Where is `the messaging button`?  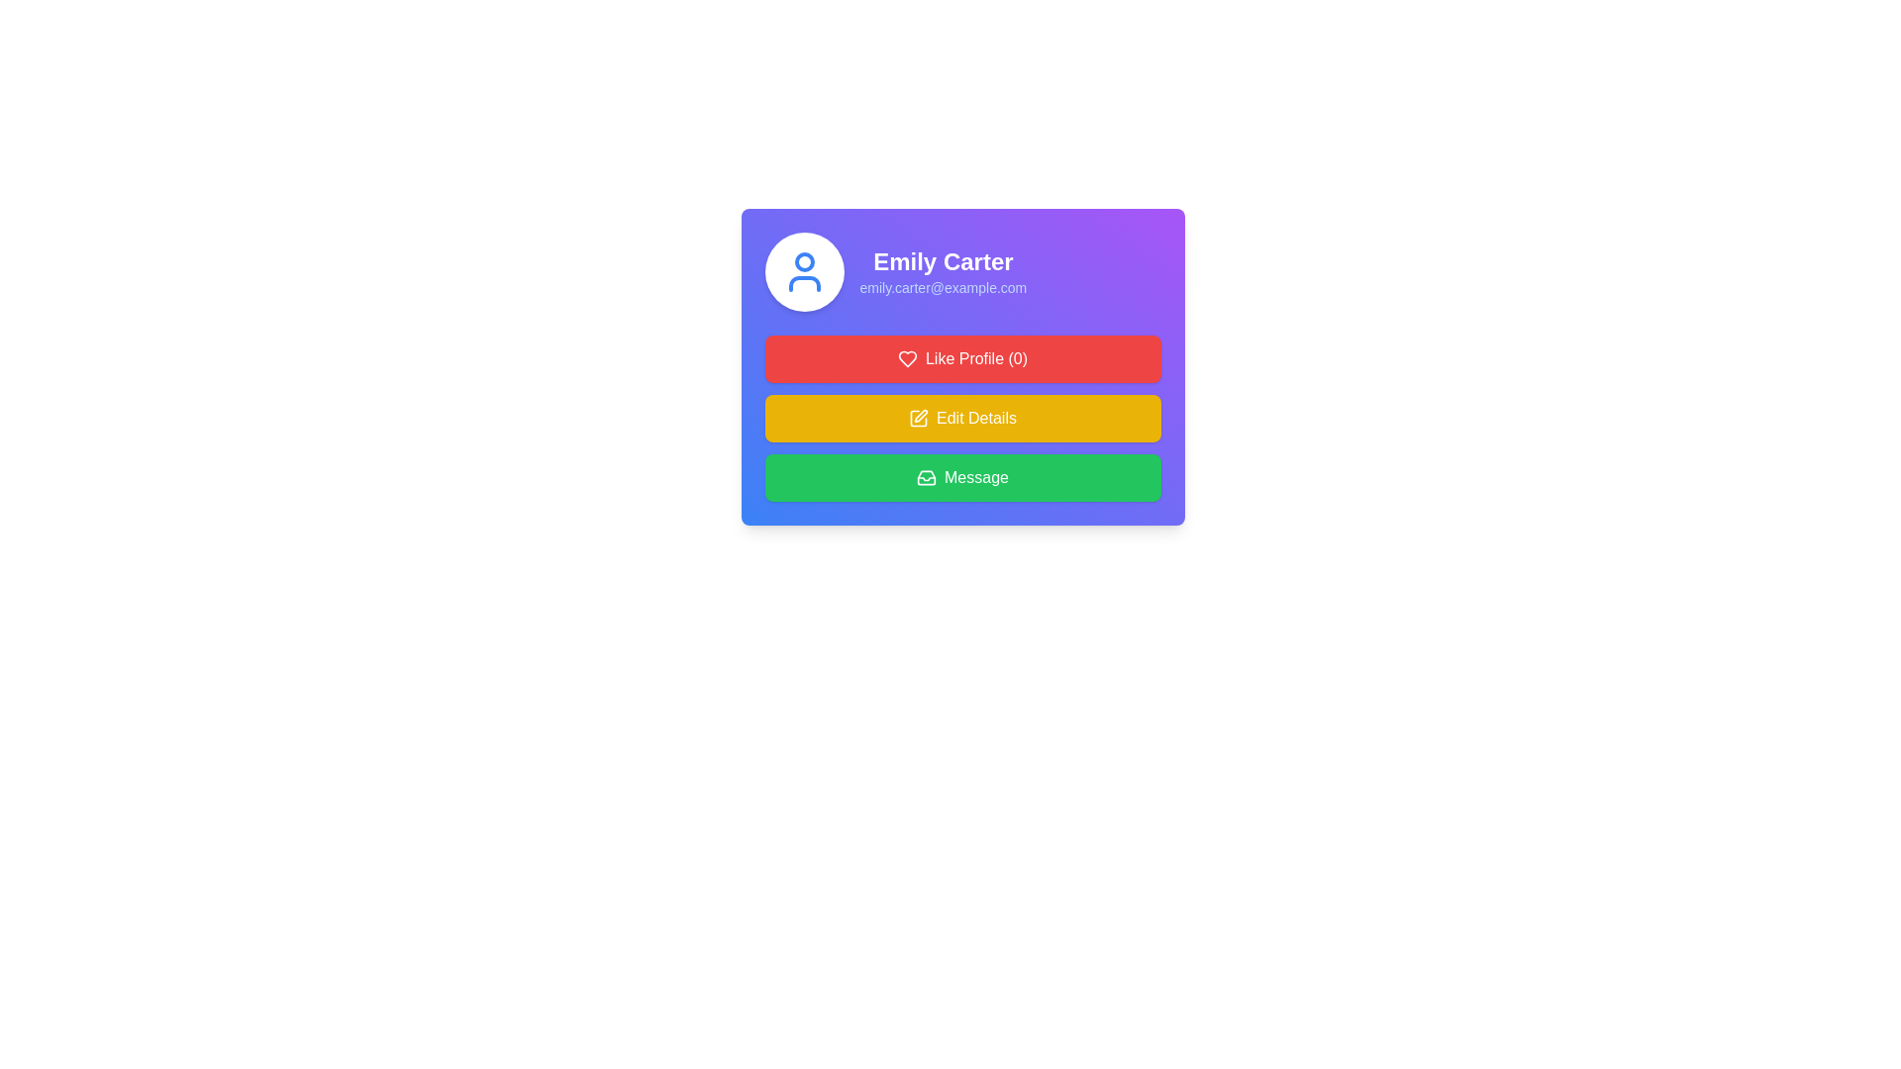 the messaging button is located at coordinates (962, 477).